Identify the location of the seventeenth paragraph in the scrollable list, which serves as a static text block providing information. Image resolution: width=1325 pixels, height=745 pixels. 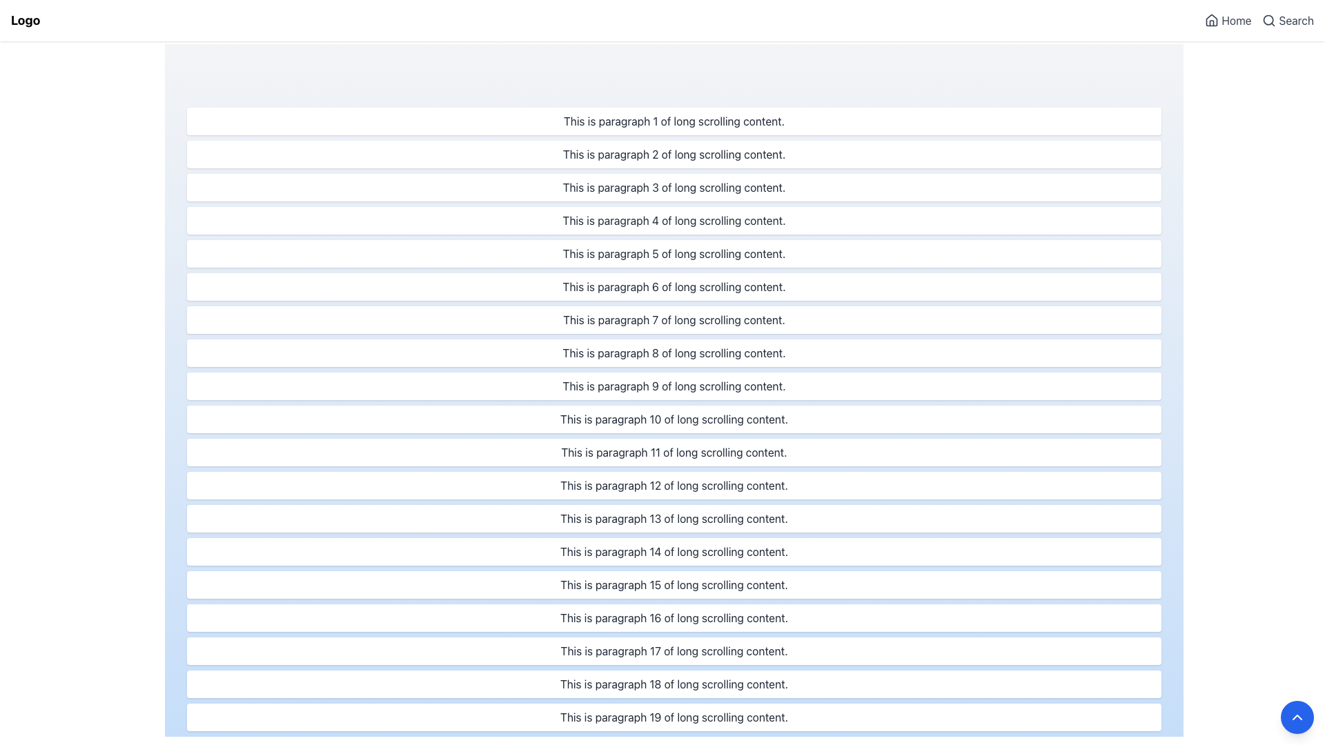
(674, 651).